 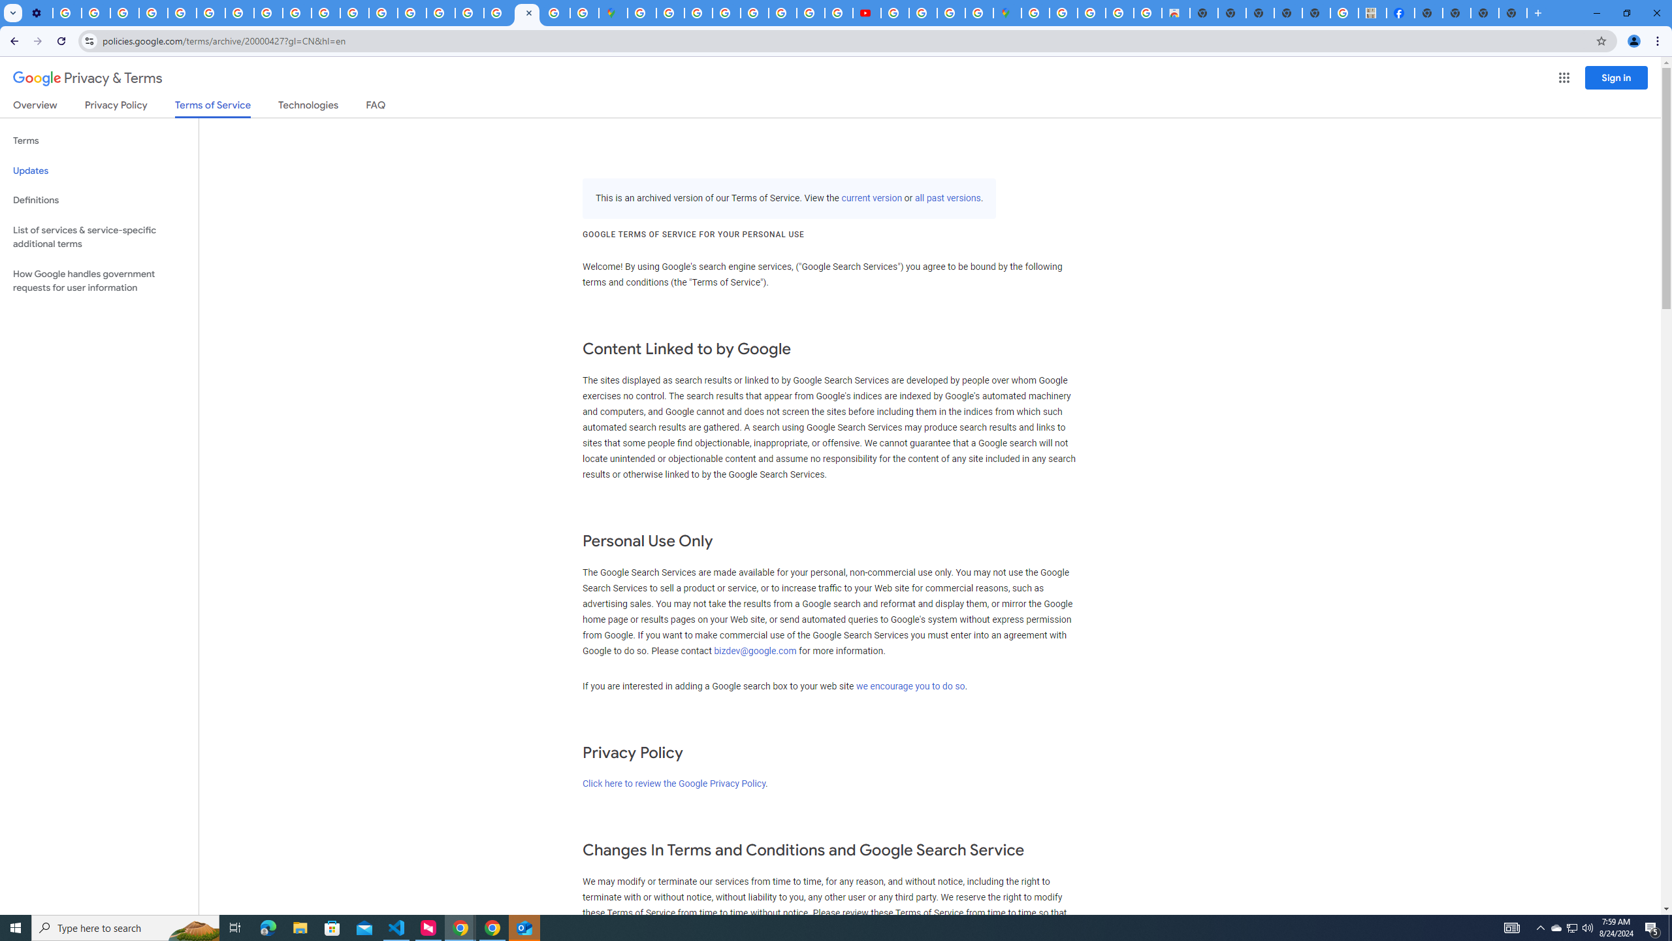 I want to click on 'current version', so click(x=871, y=197).